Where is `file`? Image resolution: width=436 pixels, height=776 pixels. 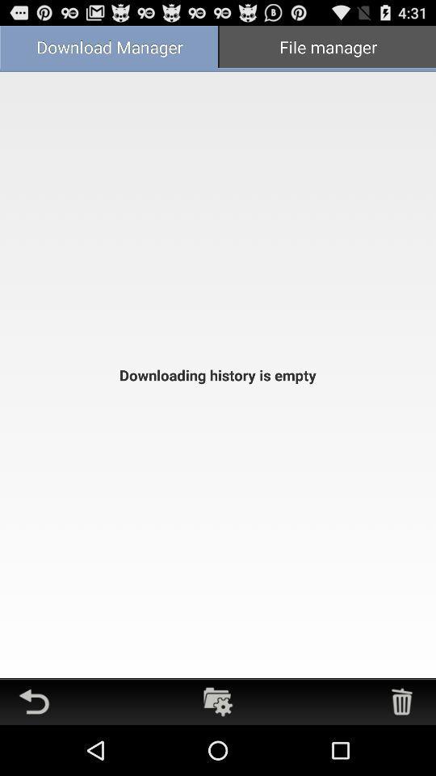 file is located at coordinates (218, 701).